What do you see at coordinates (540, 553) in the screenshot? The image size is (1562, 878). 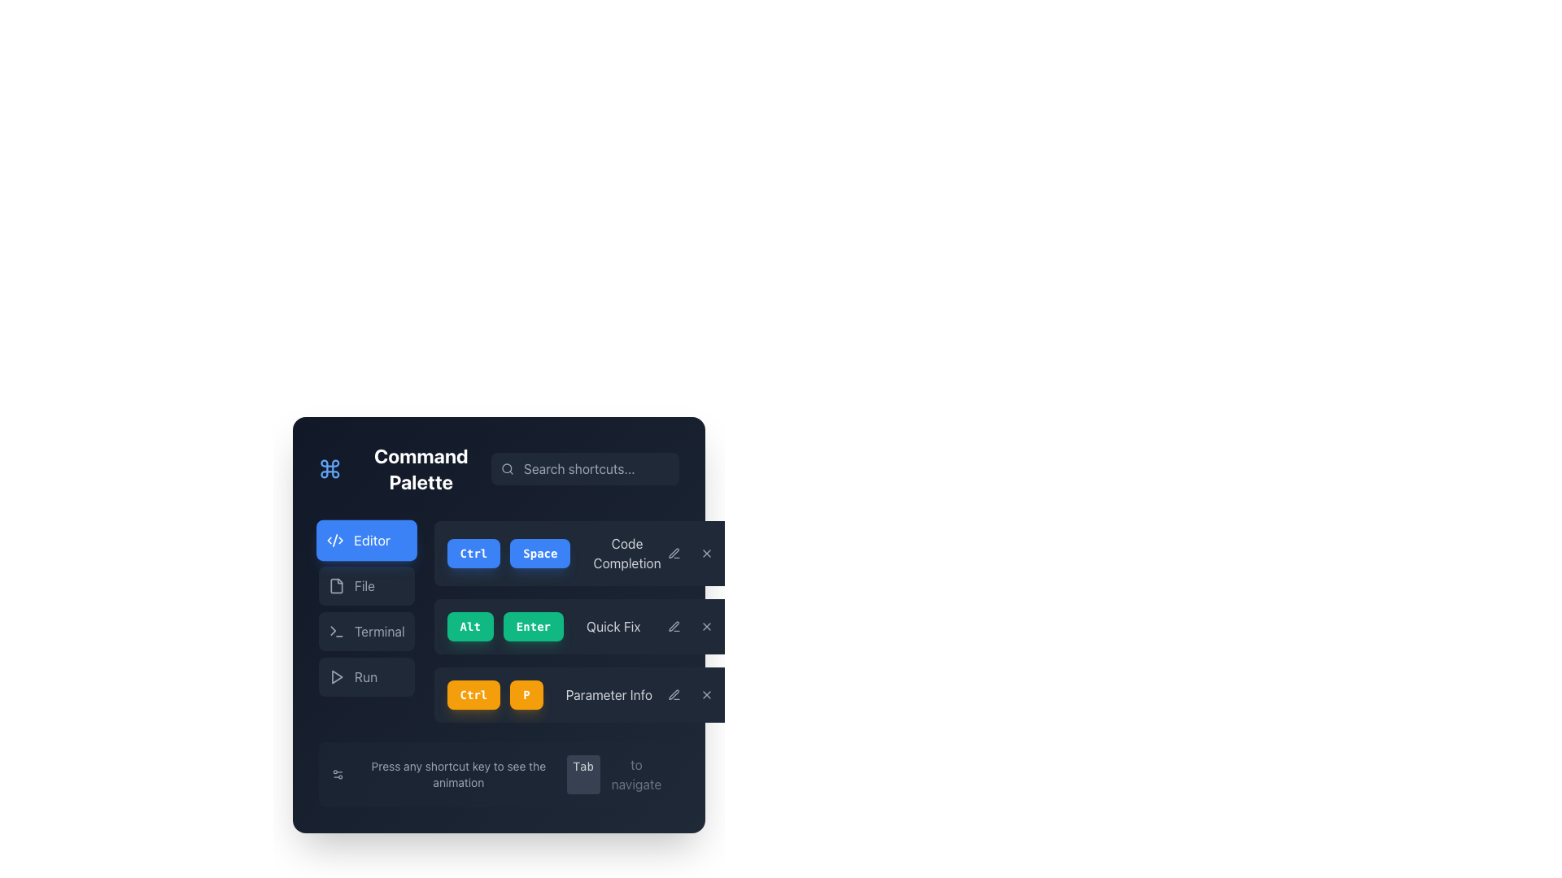 I see `the rounded blue 'Space' button, which features white bold monospaced text and is positioned centrally between 'Ctrl' and 'Code Completion' in the command palette interface` at bounding box center [540, 553].